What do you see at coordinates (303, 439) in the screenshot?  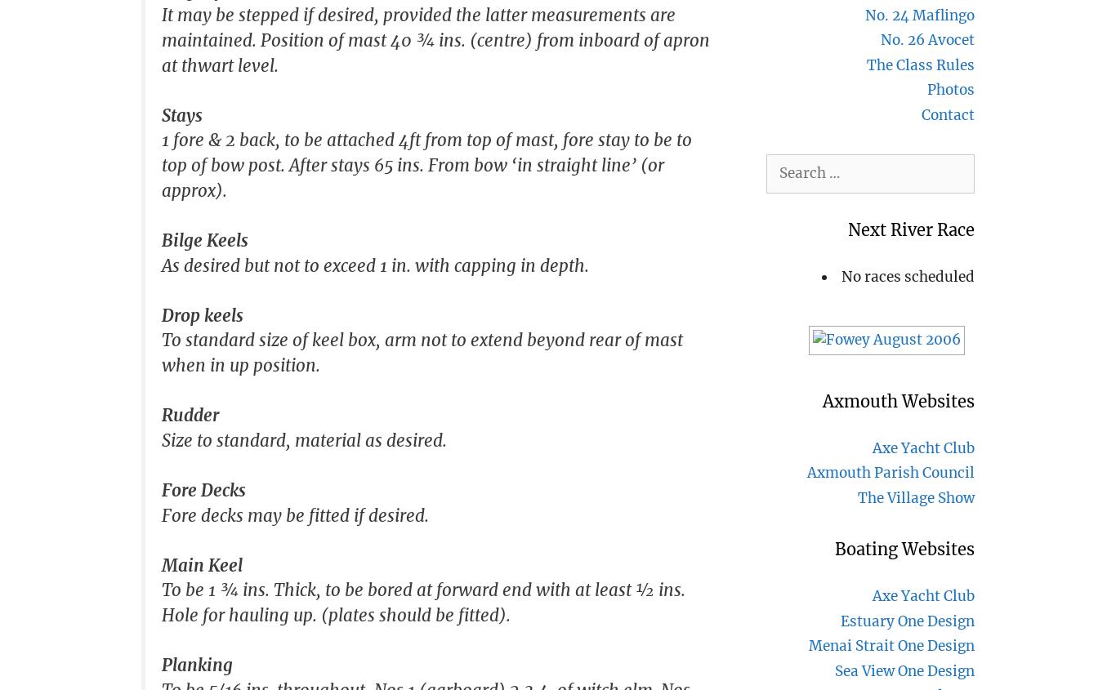 I see `'Size to standard, material as desired.'` at bounding box center [303, 439].